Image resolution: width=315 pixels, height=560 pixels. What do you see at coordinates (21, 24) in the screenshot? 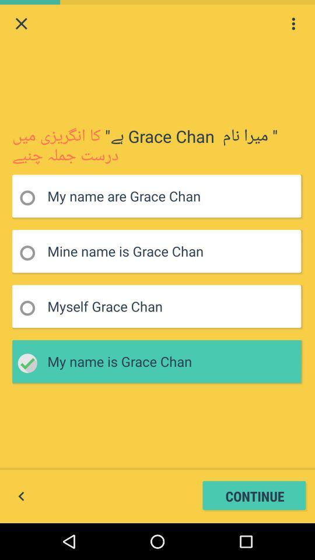
I see `the close icon` at bounding box center [21, 24].